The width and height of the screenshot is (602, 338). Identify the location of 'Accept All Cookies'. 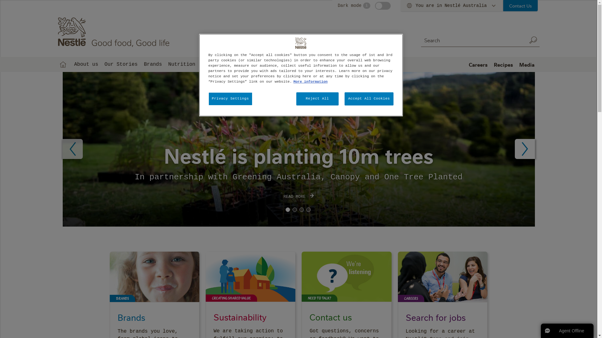
(369, 99).